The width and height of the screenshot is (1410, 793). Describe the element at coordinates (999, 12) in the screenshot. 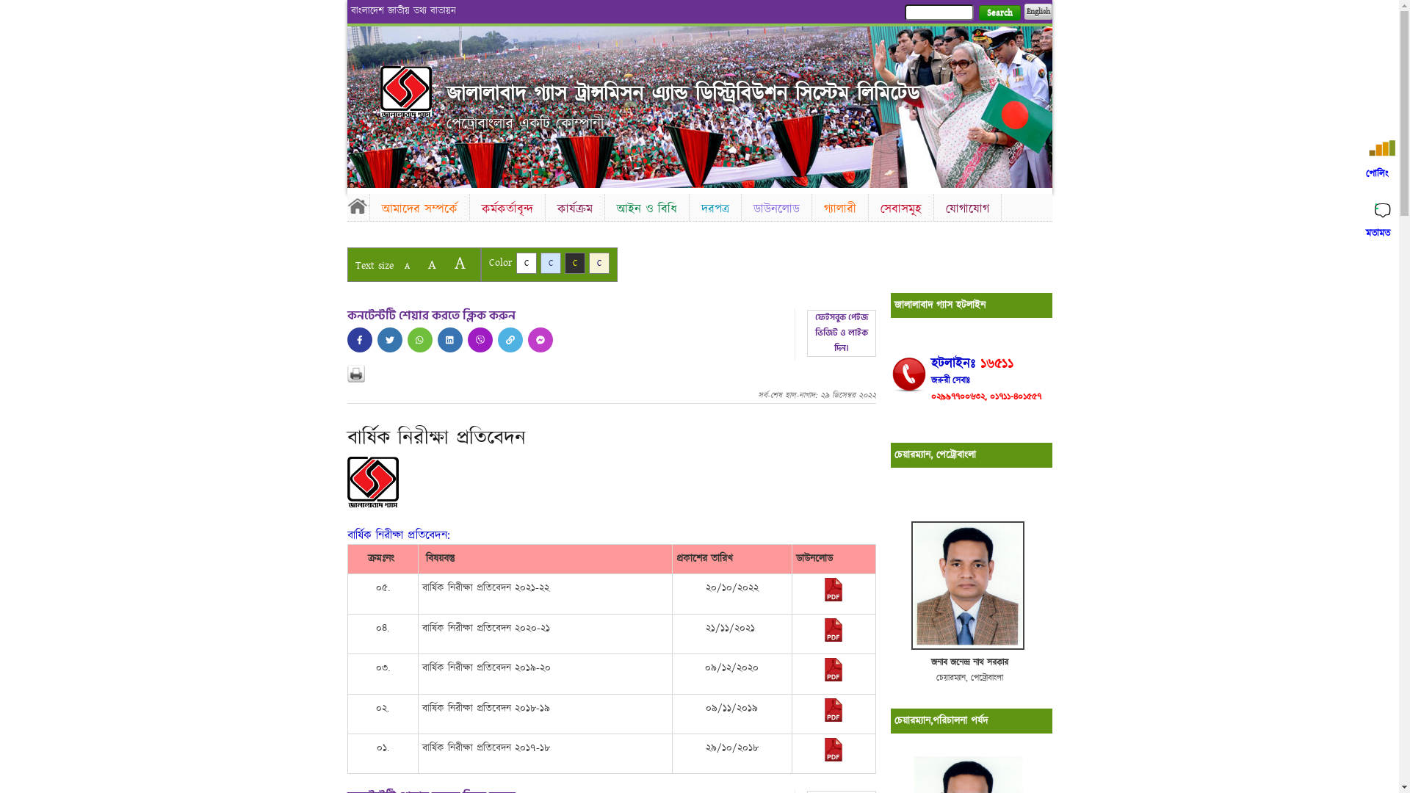

I see `'Search'` at that location.